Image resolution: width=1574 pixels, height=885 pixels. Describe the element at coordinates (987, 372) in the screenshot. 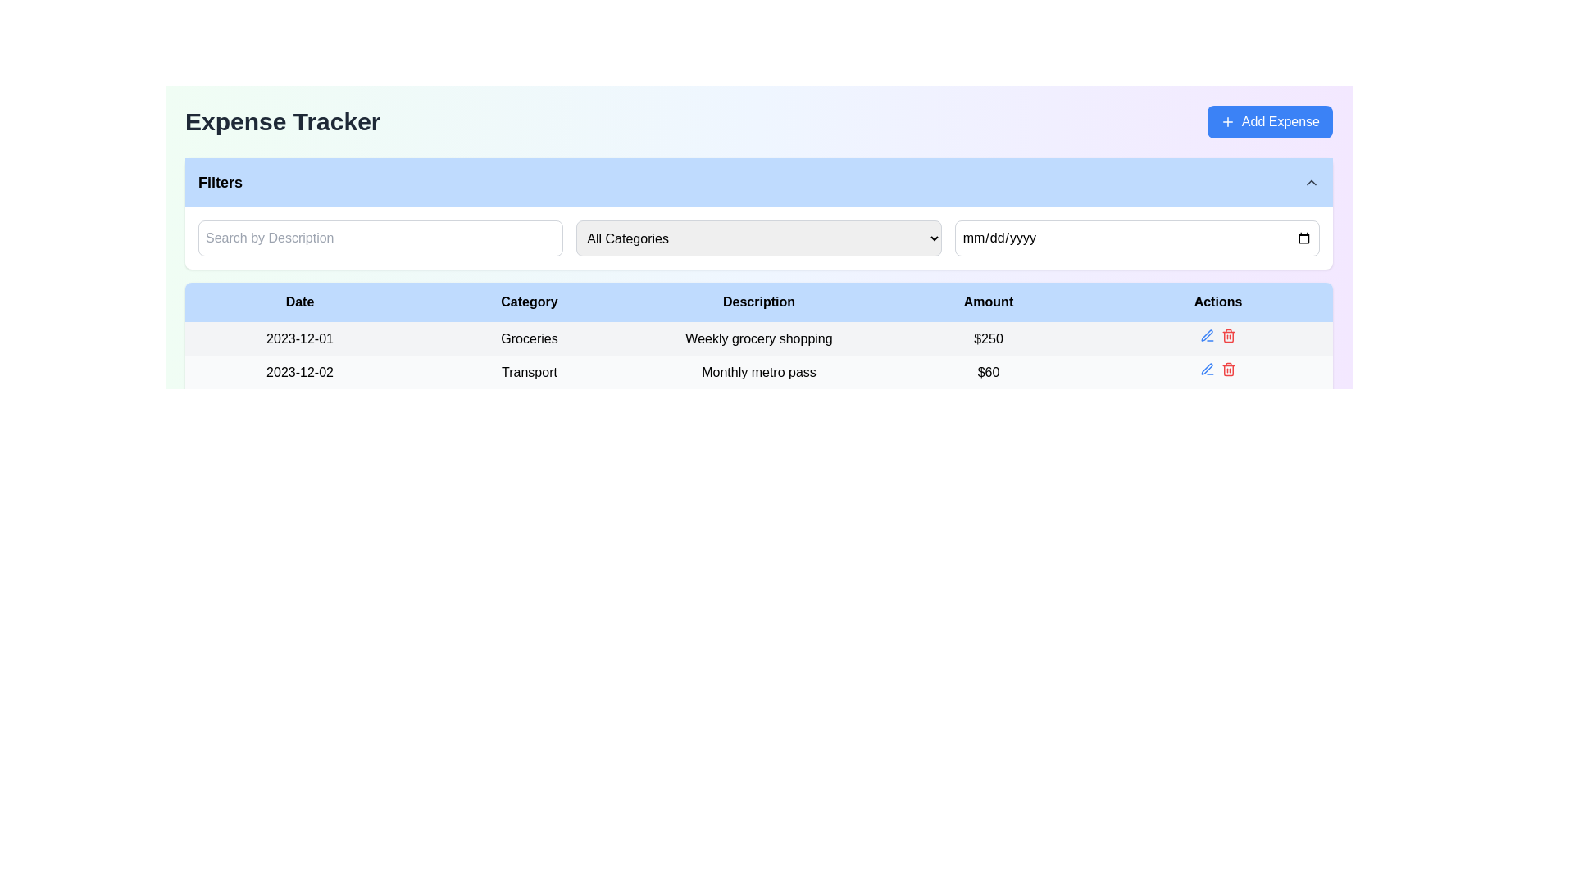

I see `the label displaying the monetary amount for the 'Monthly metro pass' expense, located in the fourth column of the transport expense table` at that location.